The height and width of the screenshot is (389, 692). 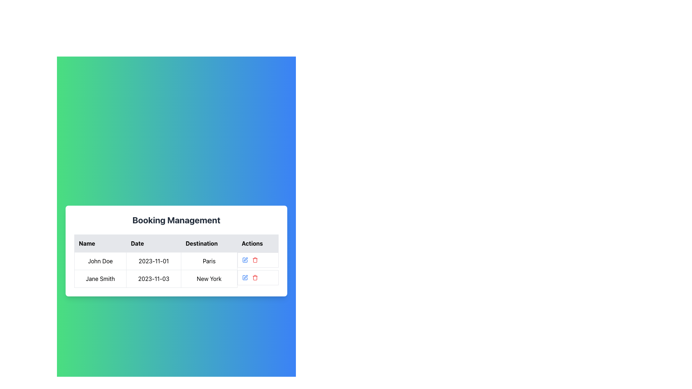 I want to click on the delete button in the Actions column of the table for the entry corresponding to Jane Smith, so click(x=255, y=277).